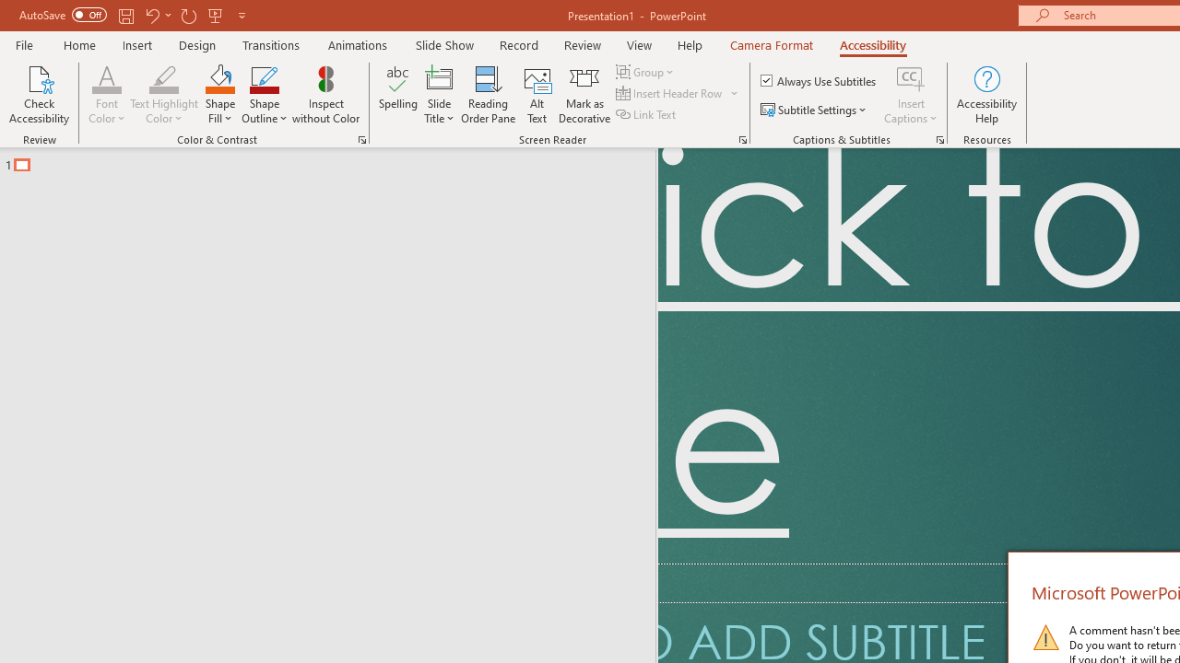  Describe the element at coordinates (438, 95) in the screenshot. I see `'Slide Title'` at that location.